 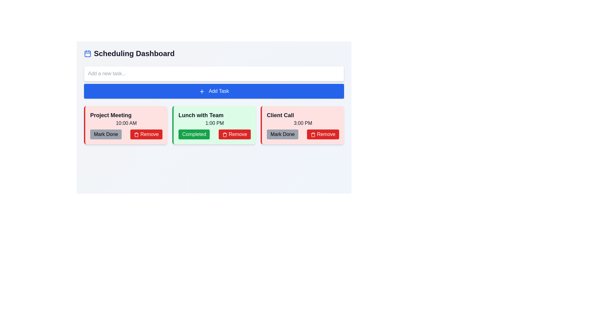 What do you see at coordinates (215, 123) in the screenshot?
I see `the time display '1:00 PM' located in the middle card of three horizontally arranged cards, which is in a light green rectangular card with a dark, bold font` at bounding box center [215, 123].